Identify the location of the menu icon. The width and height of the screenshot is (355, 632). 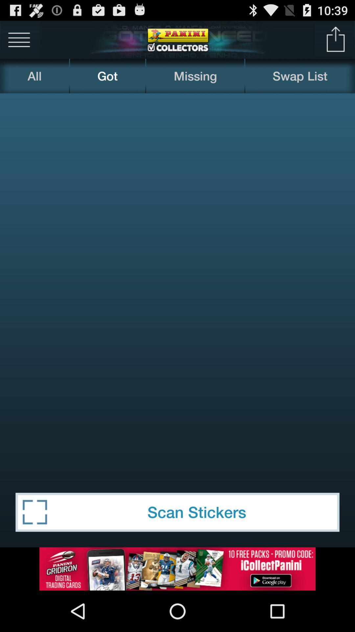
(19, 42).